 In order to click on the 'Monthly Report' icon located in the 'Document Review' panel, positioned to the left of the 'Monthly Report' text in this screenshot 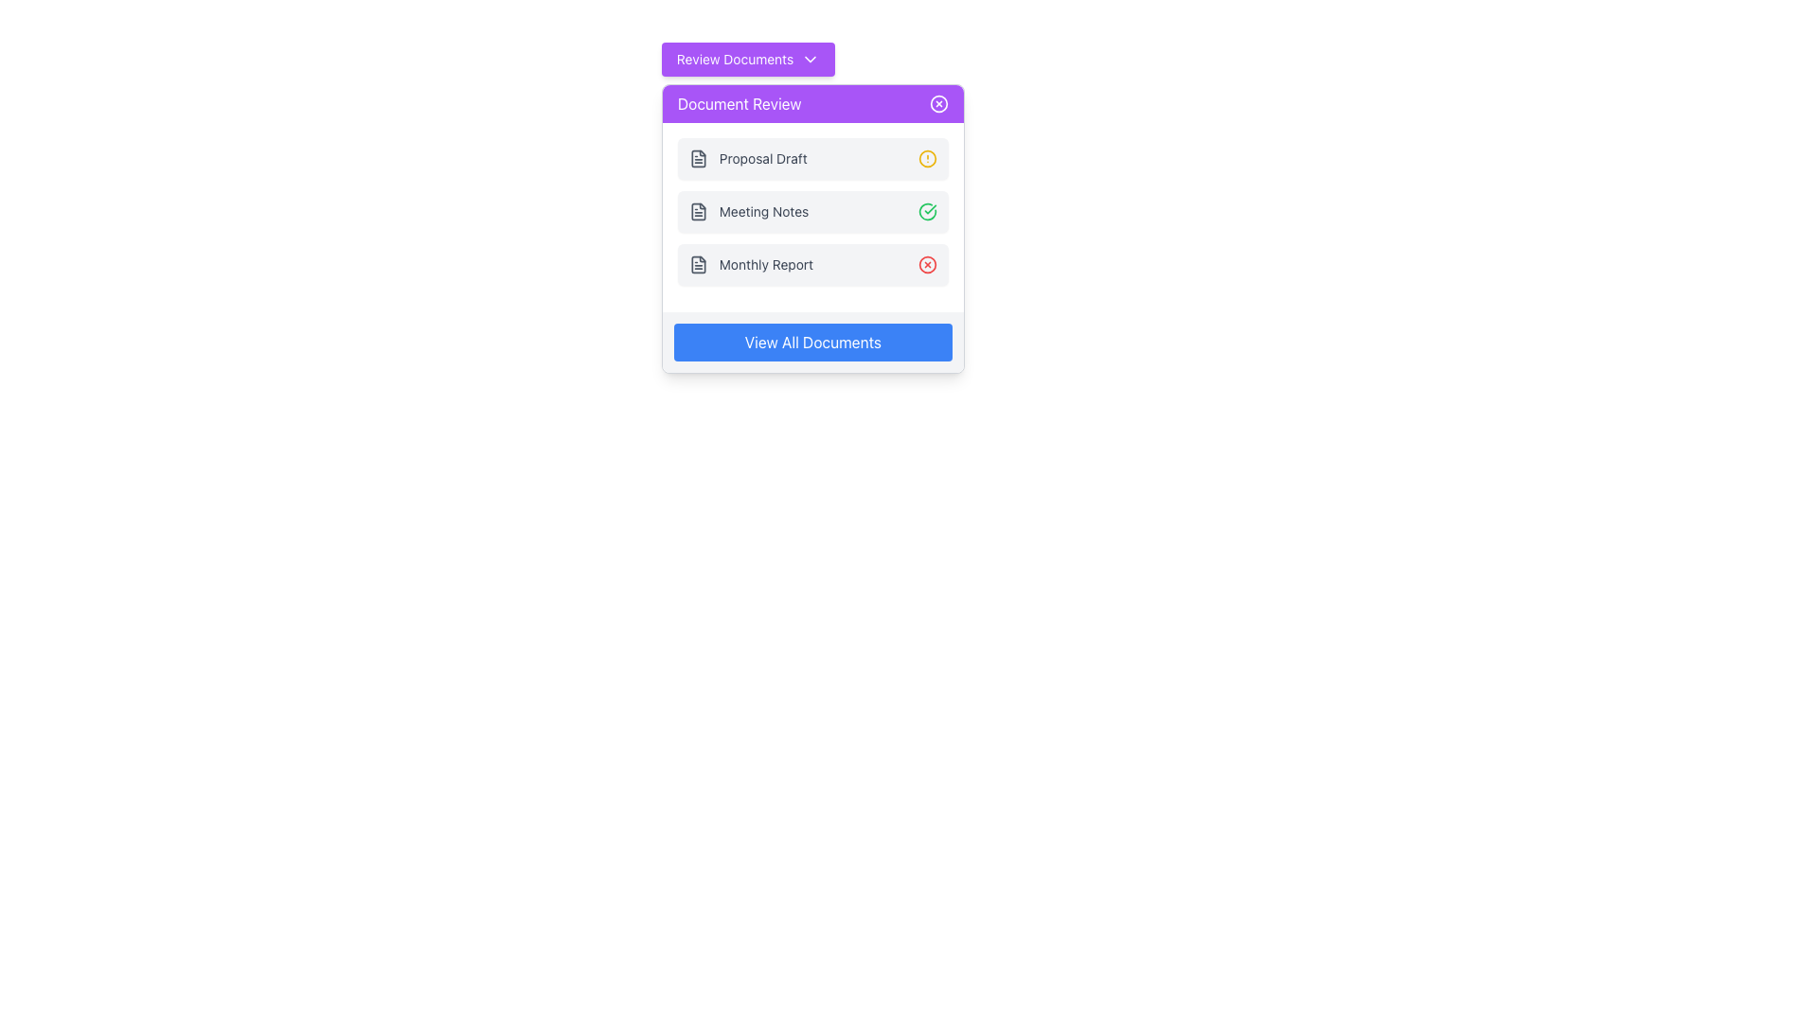, I will do `click(697, 265)`.